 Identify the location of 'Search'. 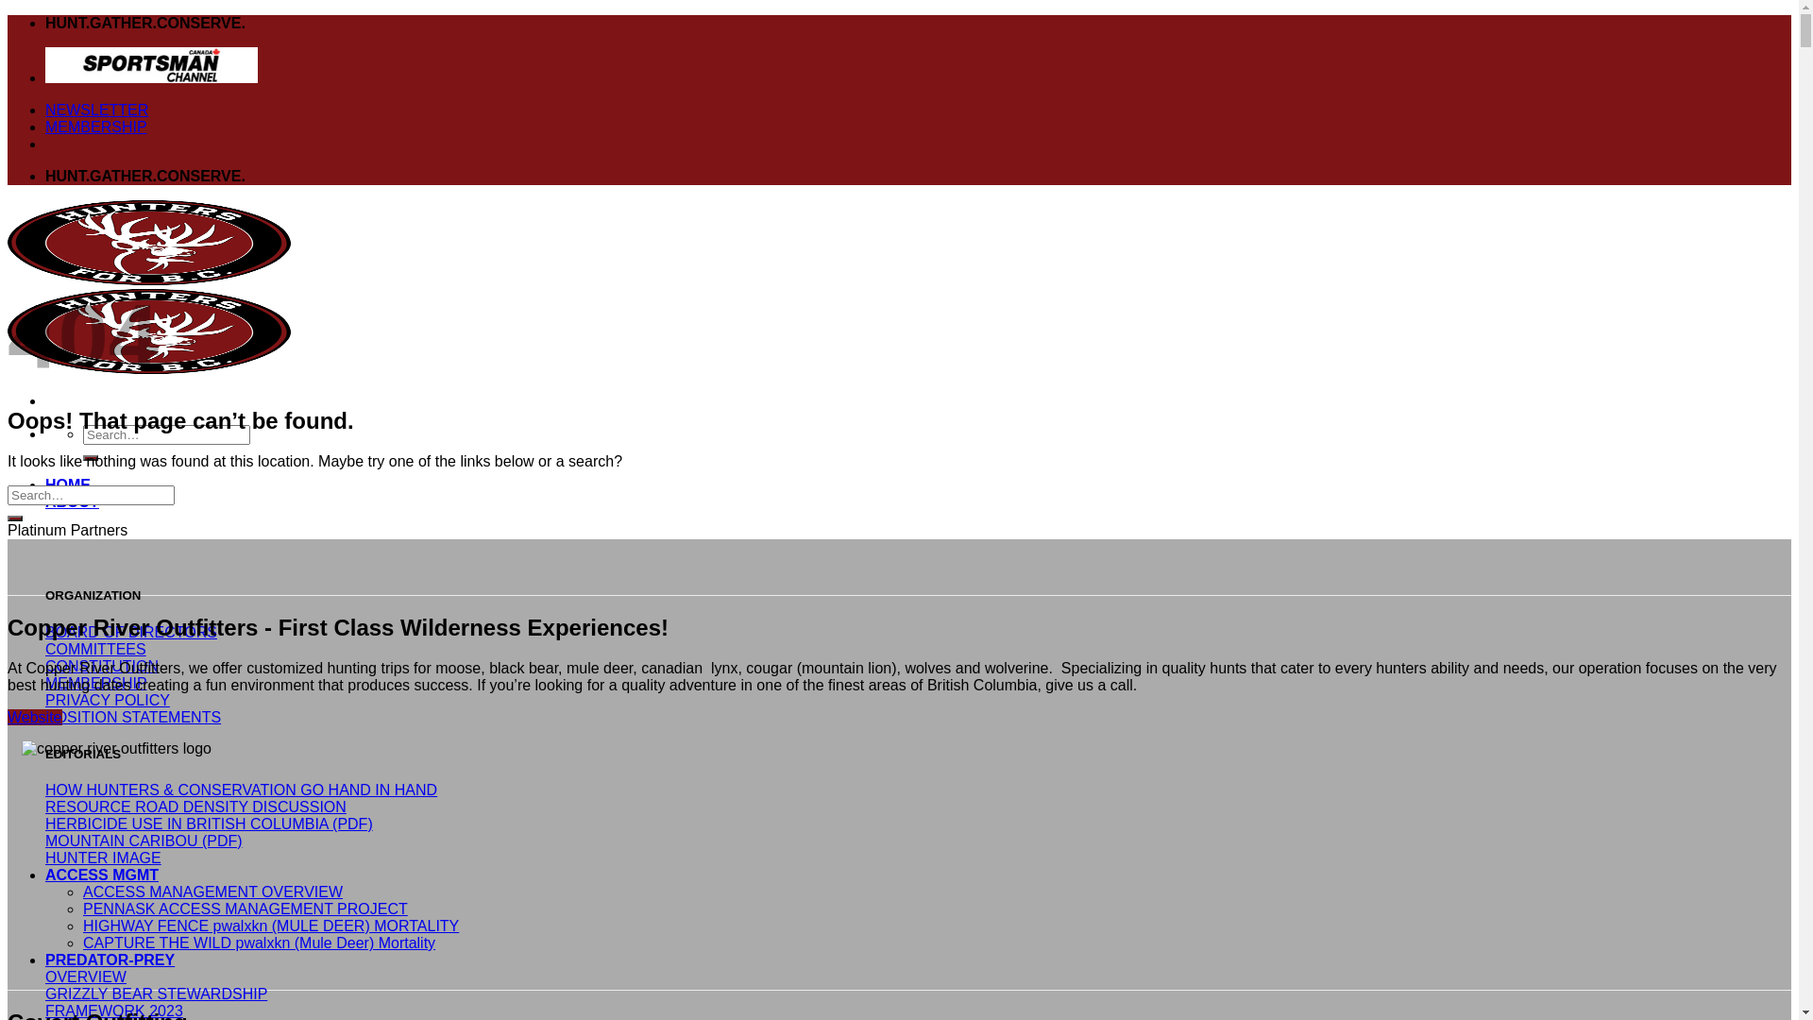
(90, 458).